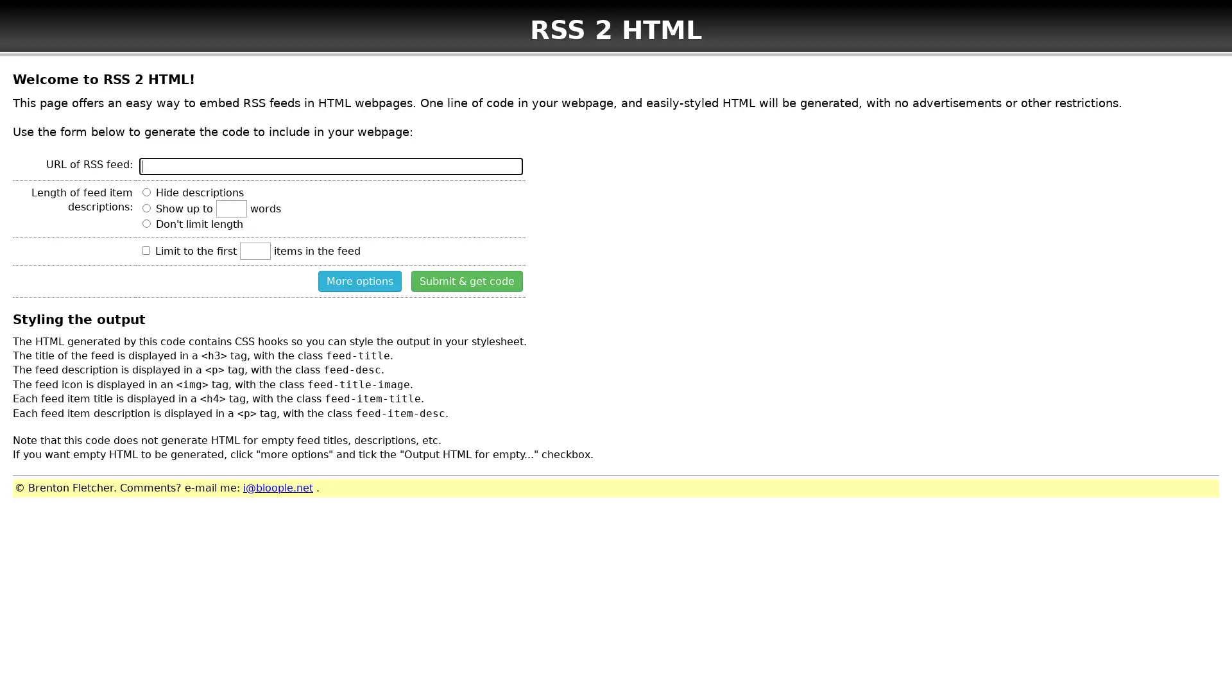 The height and width of the screenshot is (693, 1232). What do you see at coordinates (359, 280) in the screenshot?
I see `More options` at bounding box center [359, 280].